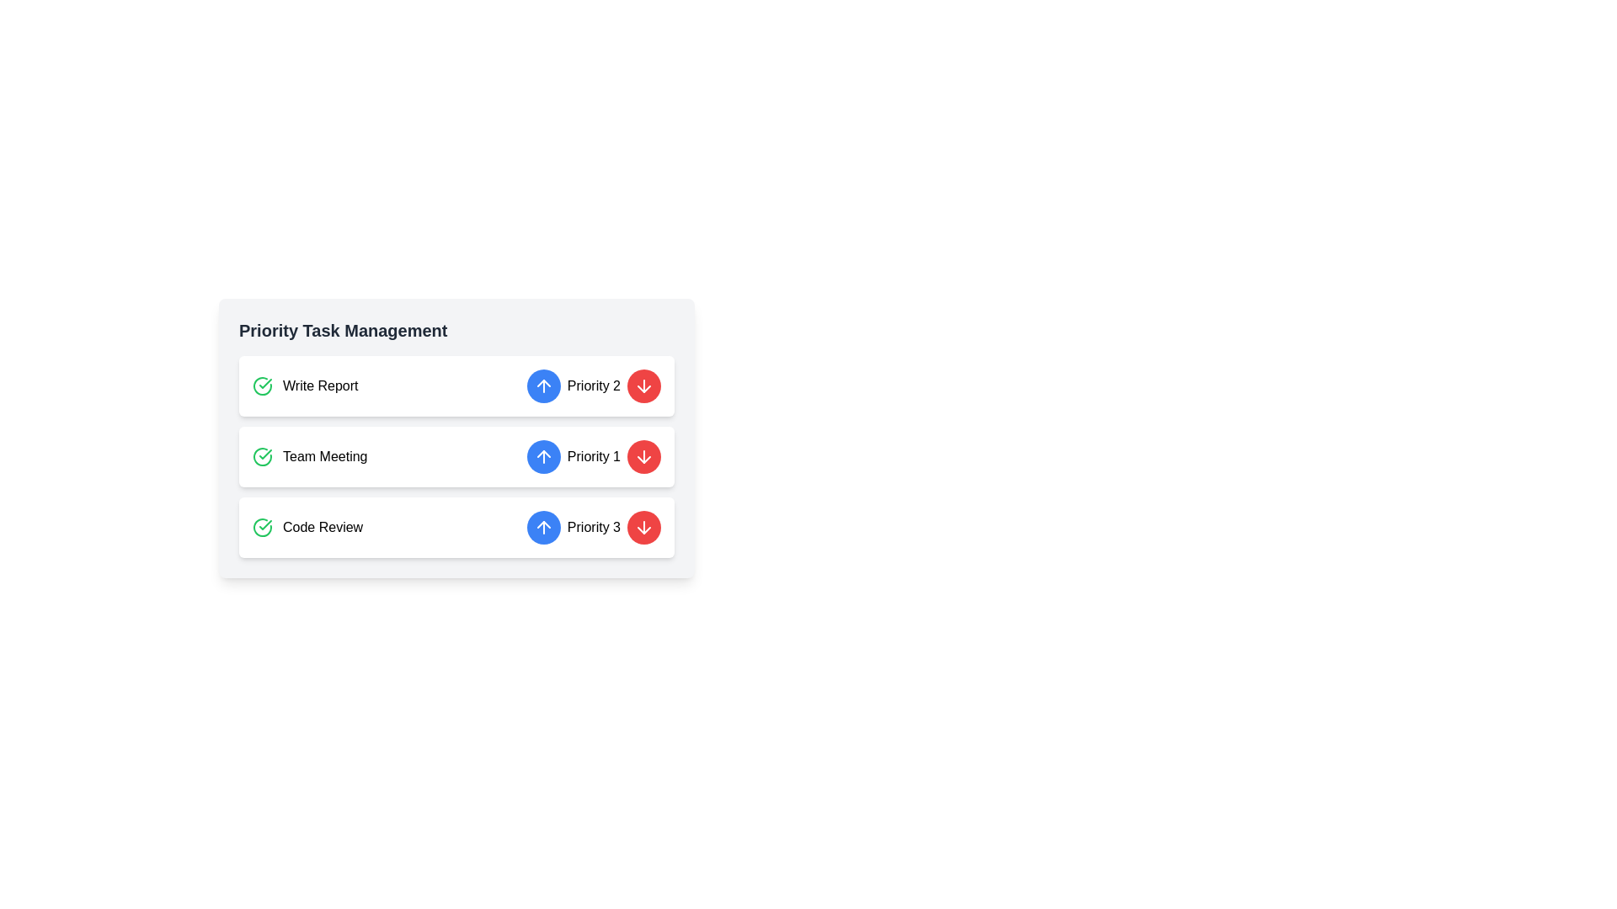 This screenshot has height=909, width=1617. What do you see at coordinates (643, 527) in the screenshot?
I see `the decrease priority Icon button located at the far-right edge of the 'Code Review' row in the 'Priority Task Management' interface to lower the task priority` at bounding box center [643, 527].